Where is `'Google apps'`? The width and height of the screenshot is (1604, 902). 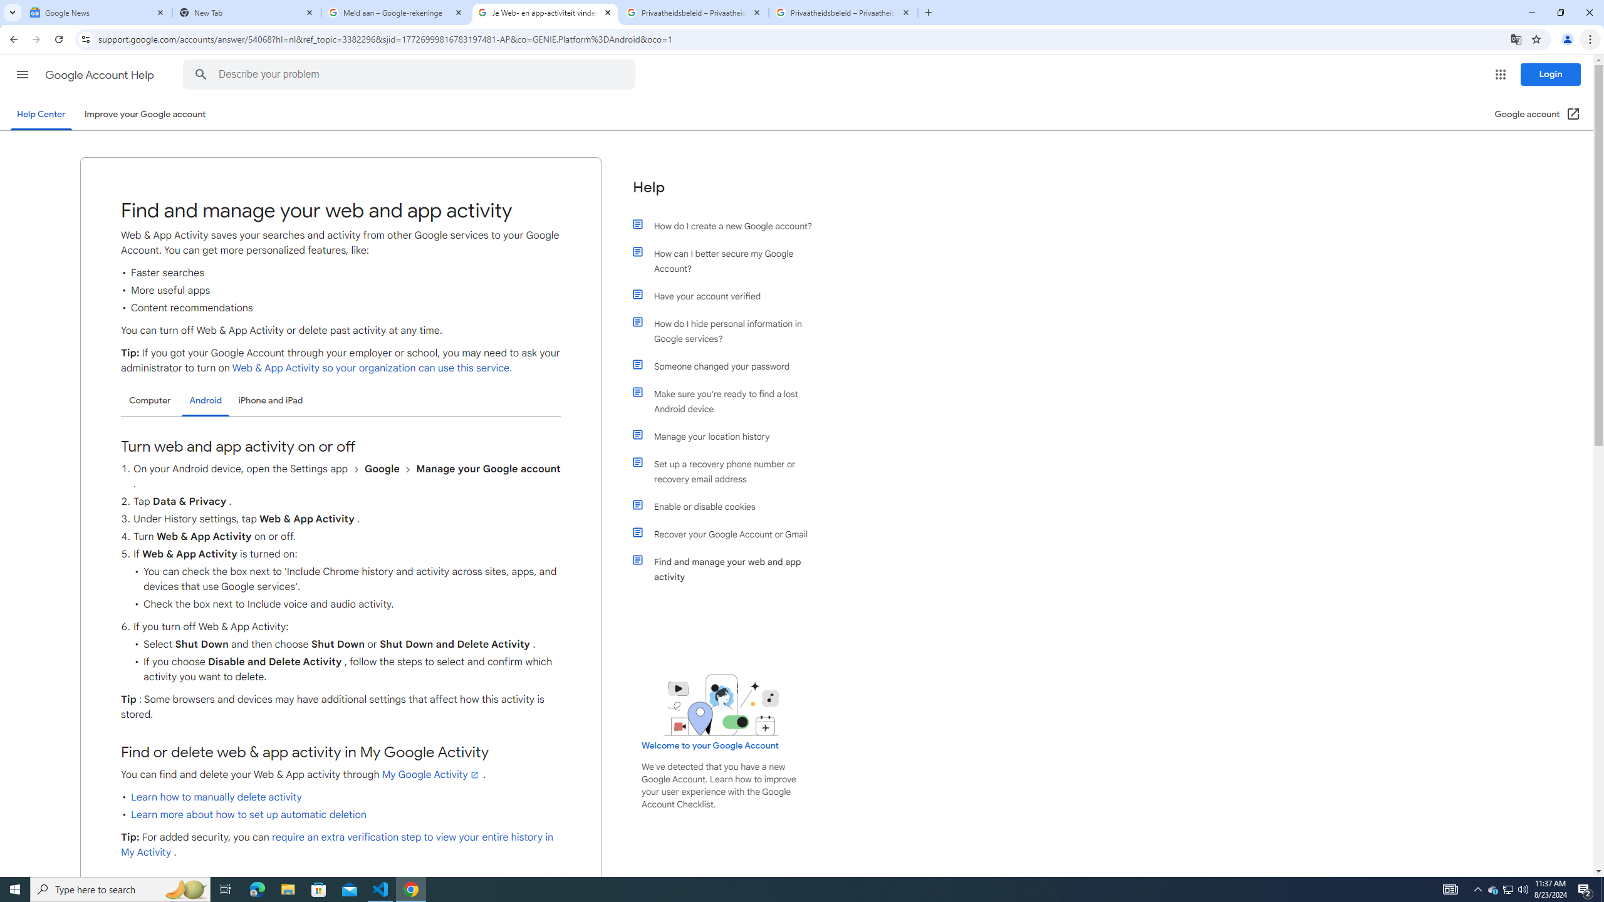 'Google apps' is located at coordinates (1499, 74).